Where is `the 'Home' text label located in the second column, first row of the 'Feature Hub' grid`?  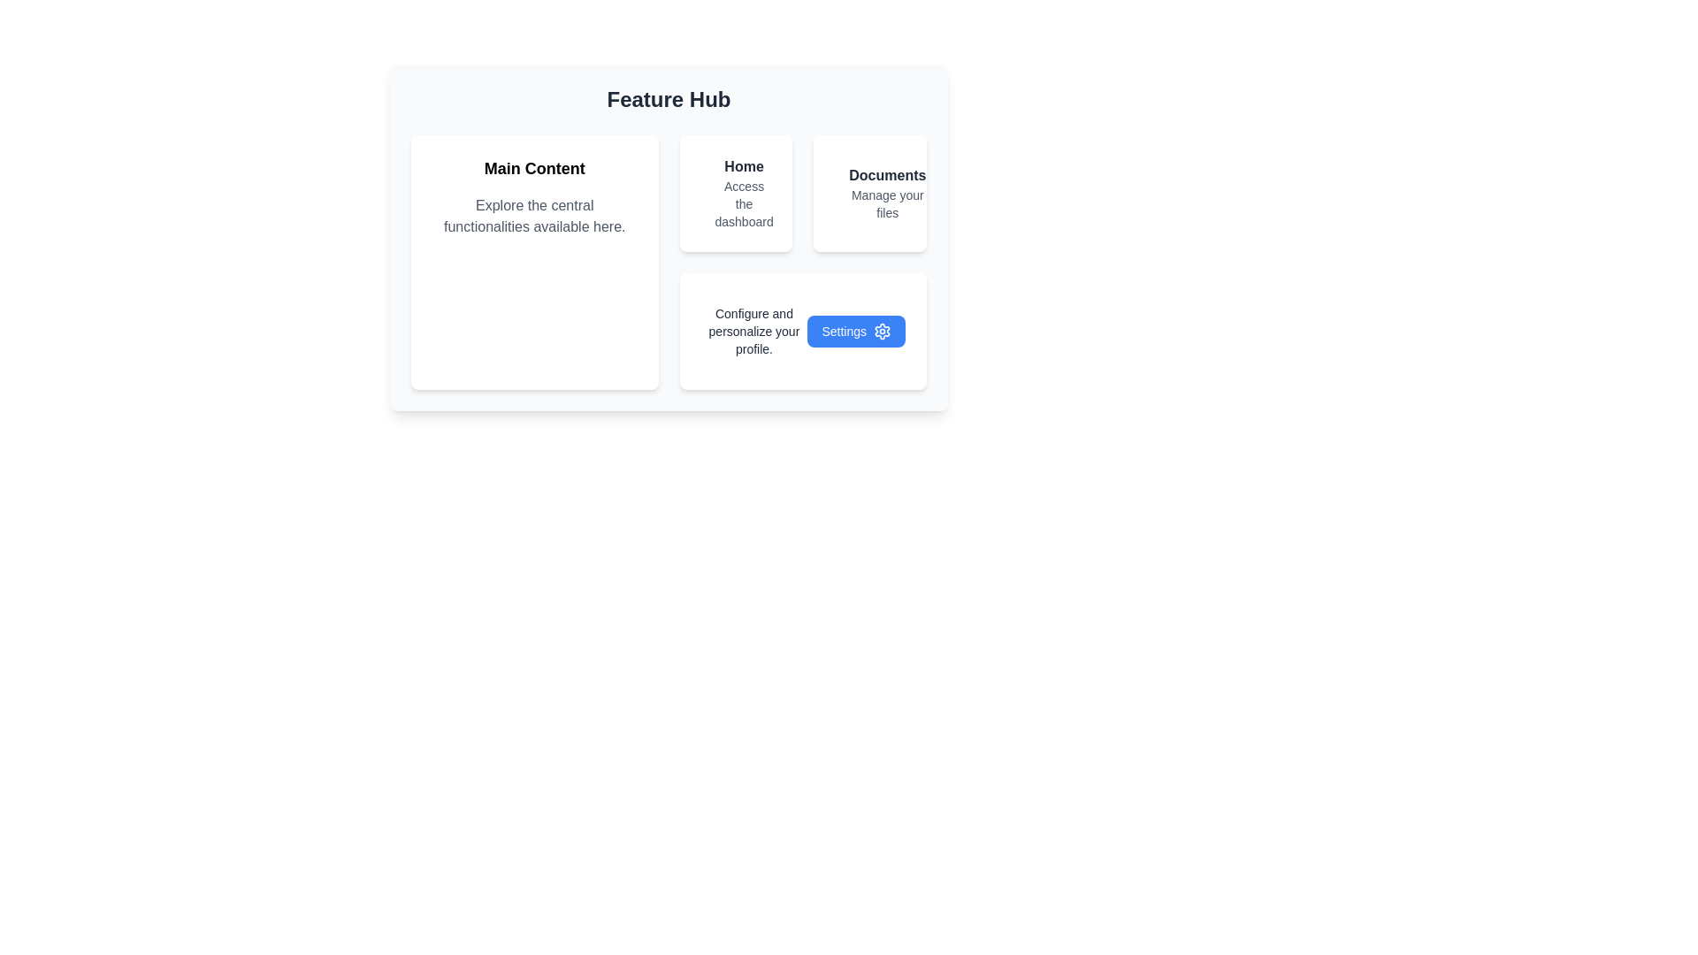 the 'Home' text label located in the second column, first row of the 'Feature Hub' grid is located at coordinates (744, 194).